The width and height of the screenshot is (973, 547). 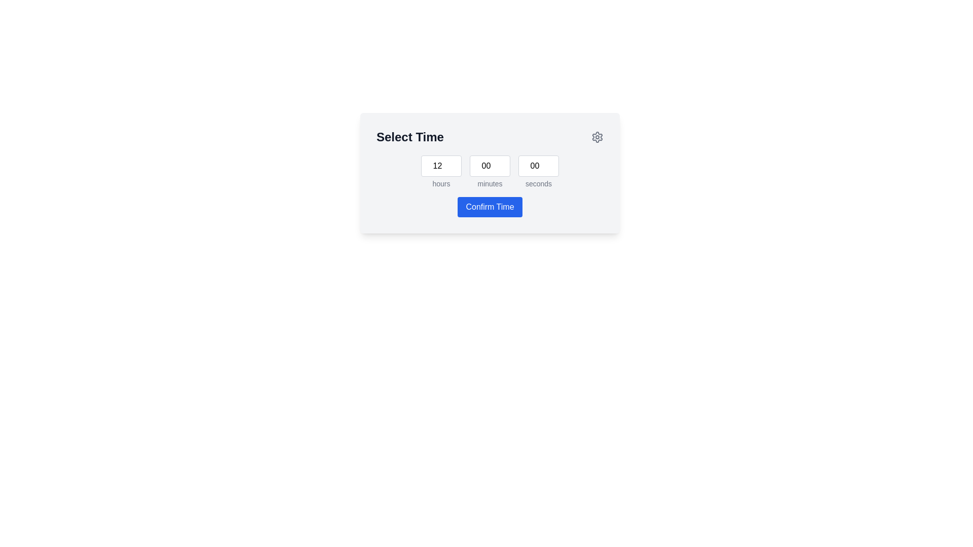 I want to click on the label displaying 'minutes', which is styled with a smaller font size and gray color, positioned directly beneath the input box for entering minutes, so click(x=490, y=183).